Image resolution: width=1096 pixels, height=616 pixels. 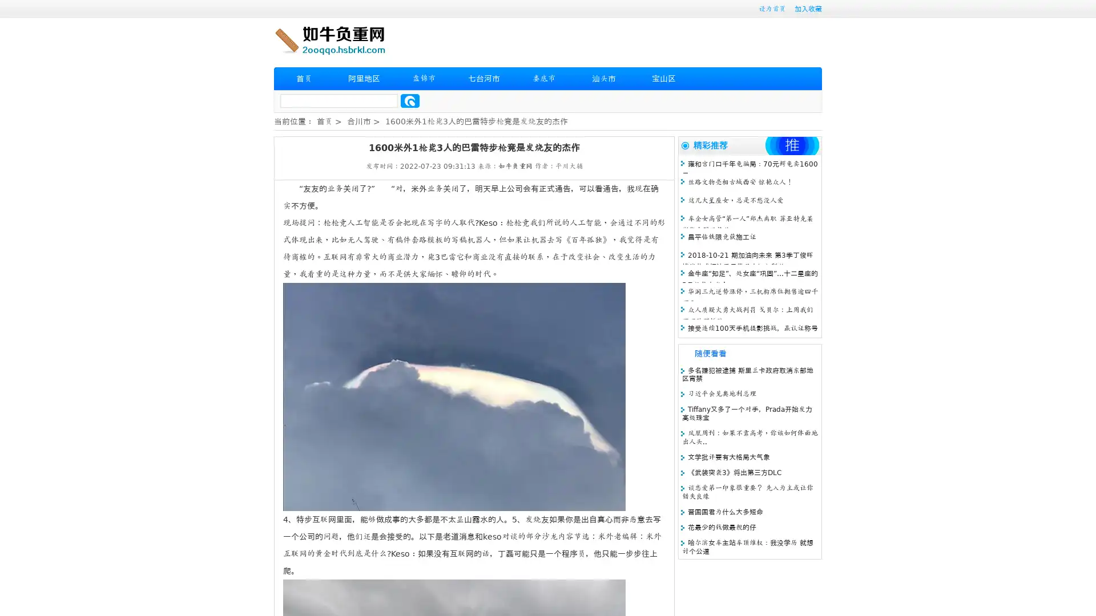 I want to click on Search, so click(x=410, y=100).